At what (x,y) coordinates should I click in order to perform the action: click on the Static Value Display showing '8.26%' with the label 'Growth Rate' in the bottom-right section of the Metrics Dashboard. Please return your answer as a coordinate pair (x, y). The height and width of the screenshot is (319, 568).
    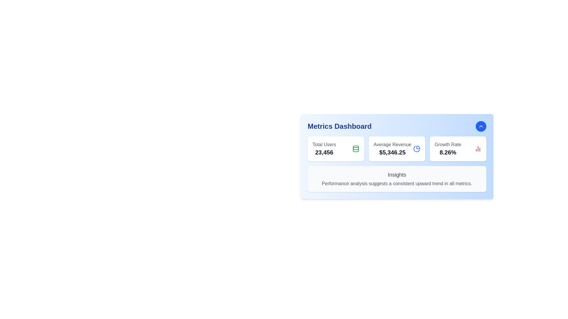
    Looking at the image, I should click on (448, 149).